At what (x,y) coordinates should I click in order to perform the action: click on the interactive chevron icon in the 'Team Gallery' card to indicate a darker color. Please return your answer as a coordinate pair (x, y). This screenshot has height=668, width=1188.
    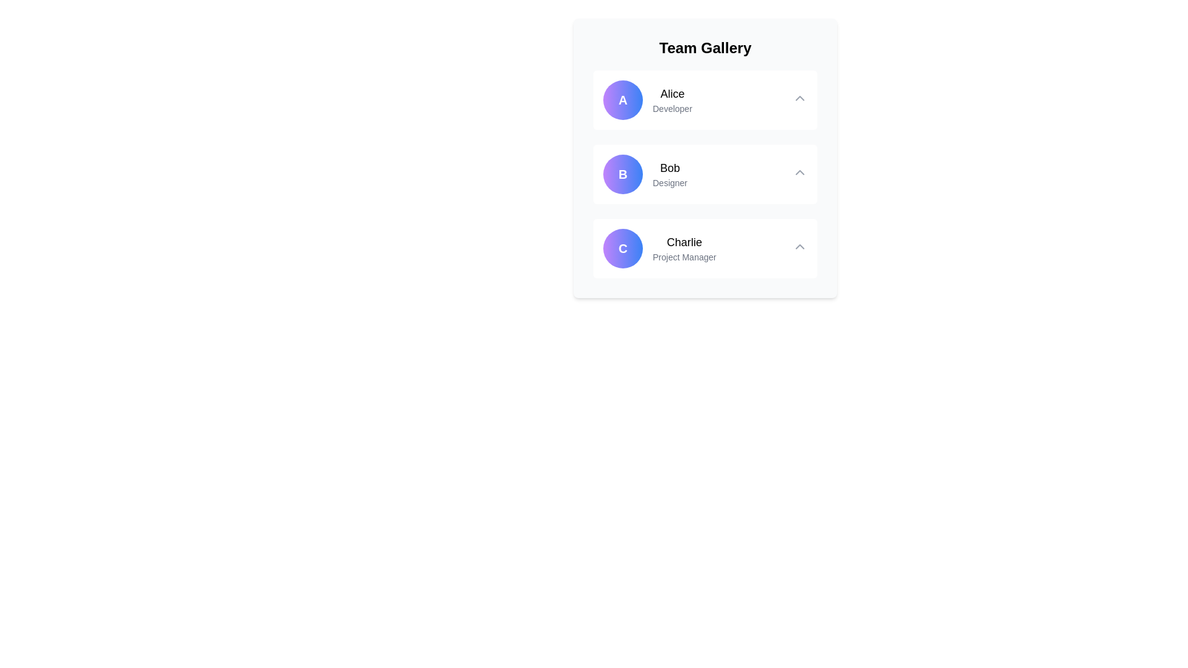
    Looking at the image, I should click on (799, 97).